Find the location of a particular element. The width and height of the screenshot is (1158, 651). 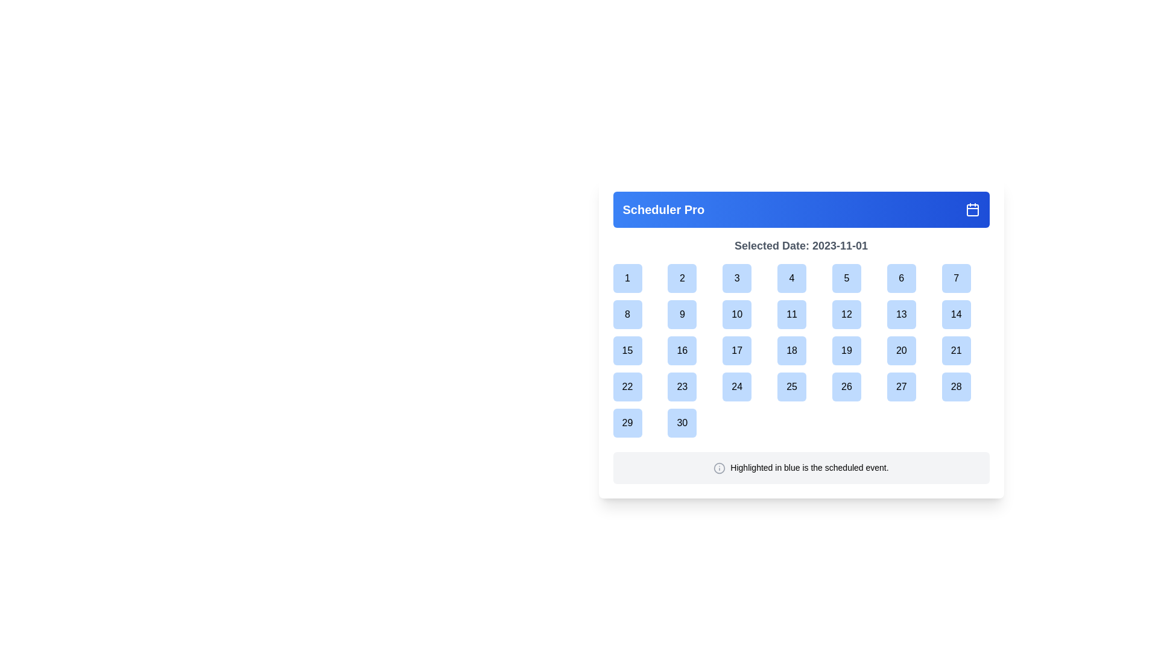

the button representing the 27th day of the month in the calendar is located at coordinates (911, 386).